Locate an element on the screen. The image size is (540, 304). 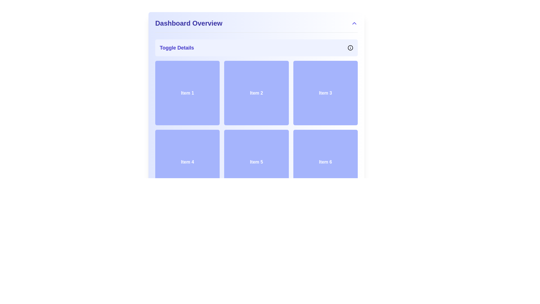
the icon located to the far right of the 'Toggle Details' section is located at coordinates (350, 47).